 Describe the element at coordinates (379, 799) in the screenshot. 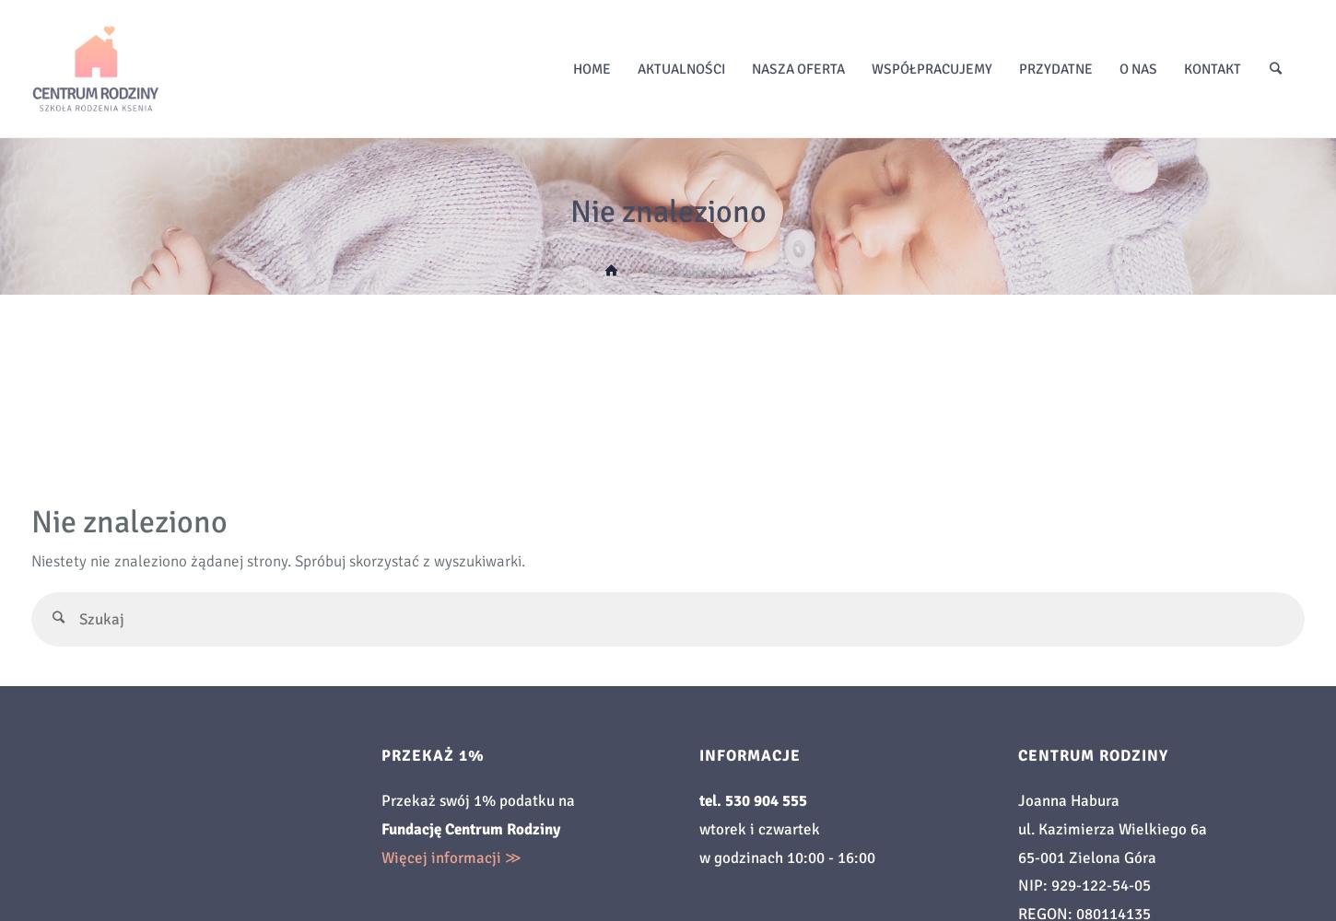

I see `'Przekaż swój 1% podatku na'` at that location.